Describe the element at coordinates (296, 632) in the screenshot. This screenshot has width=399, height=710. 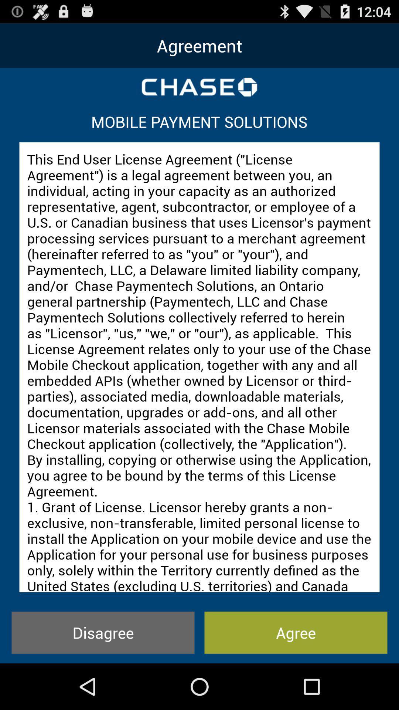
I see `icon below this end user icon` at that location.